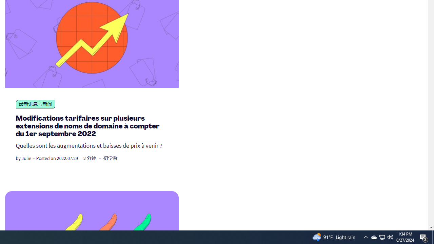  I want to click on 'Julie', so click(26, 158).